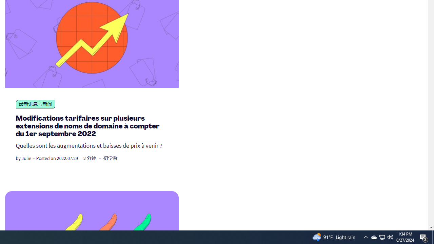  I want to click on 'Julie', so click(26, 158).